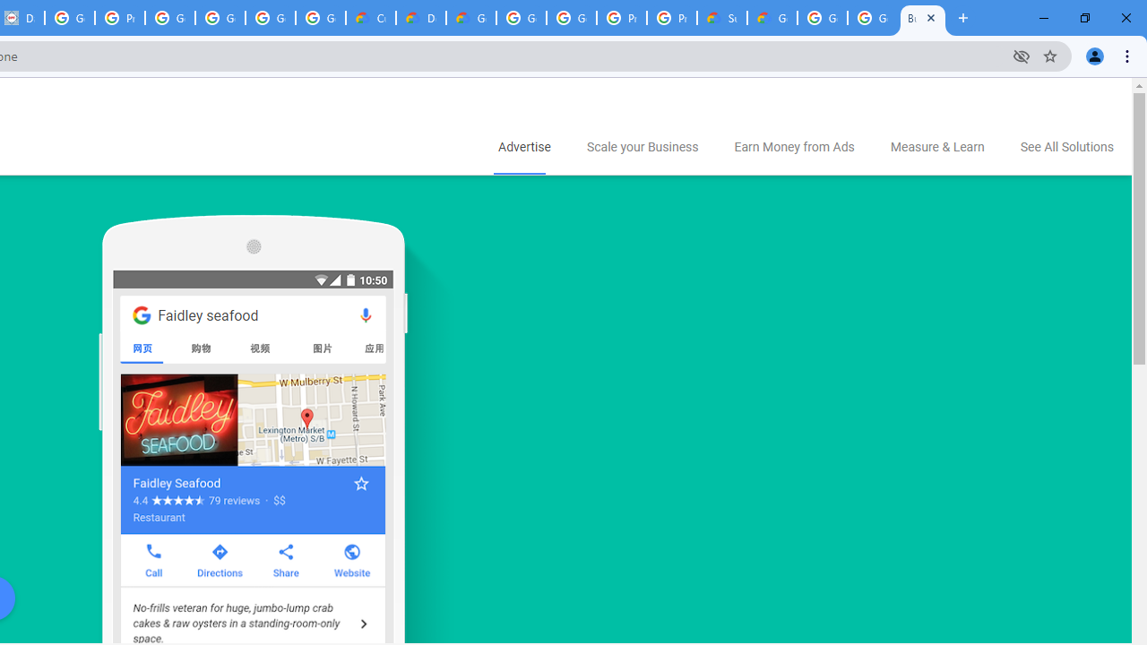 Image resolution: width=1147 pixels, height=645 pixels. I want to click on 'See All Solutions', so click(1066, 147).